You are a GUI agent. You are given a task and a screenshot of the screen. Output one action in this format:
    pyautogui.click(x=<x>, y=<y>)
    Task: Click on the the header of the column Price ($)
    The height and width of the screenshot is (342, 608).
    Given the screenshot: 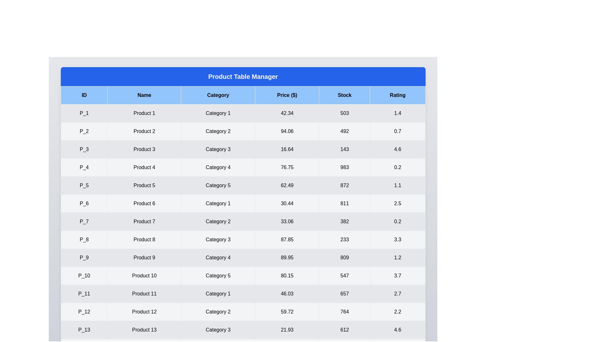 What is the action you would take?
    pyautogui.click(x=287, y=95)
    